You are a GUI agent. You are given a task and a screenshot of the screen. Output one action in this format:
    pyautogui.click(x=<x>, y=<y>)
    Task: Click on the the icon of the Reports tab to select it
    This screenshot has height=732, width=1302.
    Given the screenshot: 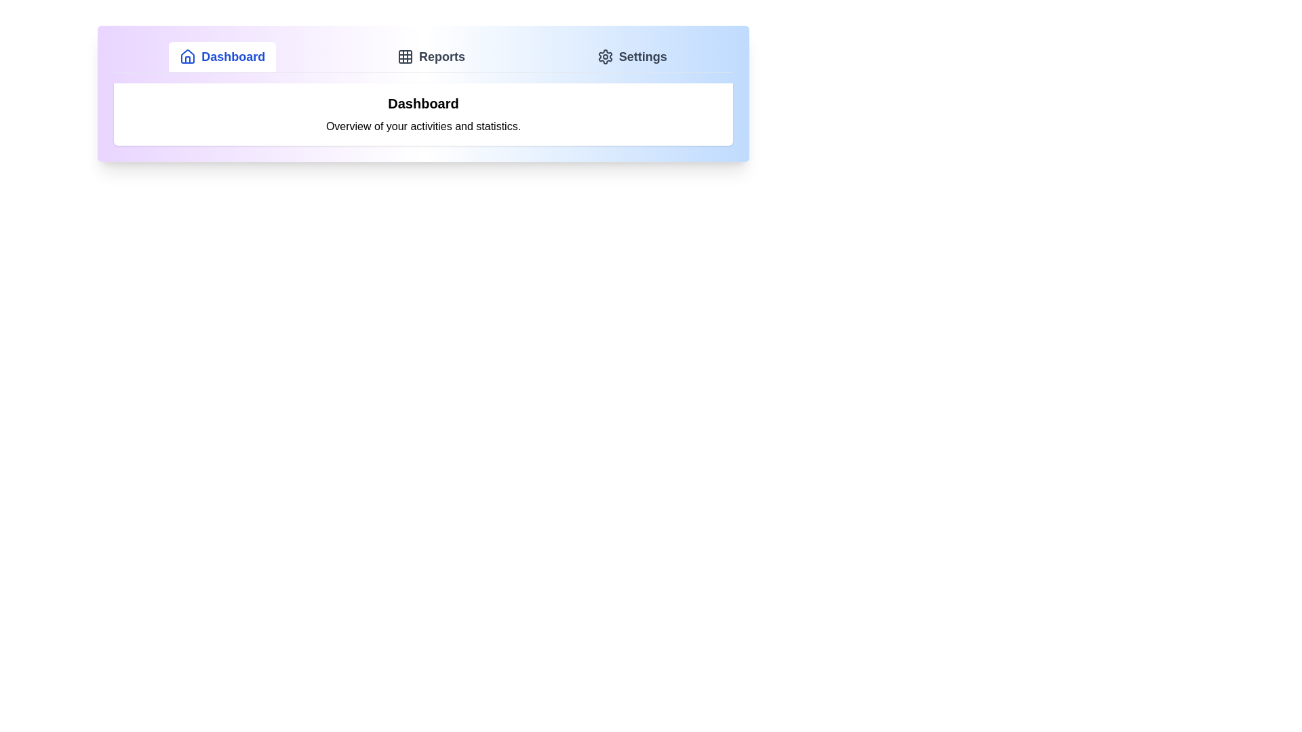 What is the action you would take?
    pyautogui.click(x=404, y=56)
    